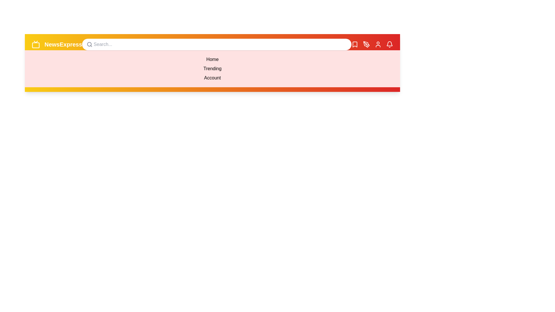 Image resolution: width=555 pixels, height=312 pixels. What do you see at coordinates (390, 44) in the screenshot?
I see `the bell icon to toggle the dropdown menu` at bounding box center [390, 44].